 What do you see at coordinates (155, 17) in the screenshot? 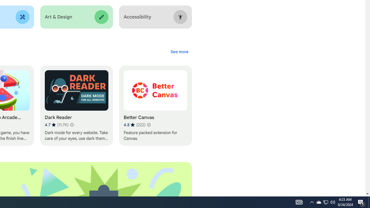
I see `'Accessibility'` at bounding box center [155, 17].